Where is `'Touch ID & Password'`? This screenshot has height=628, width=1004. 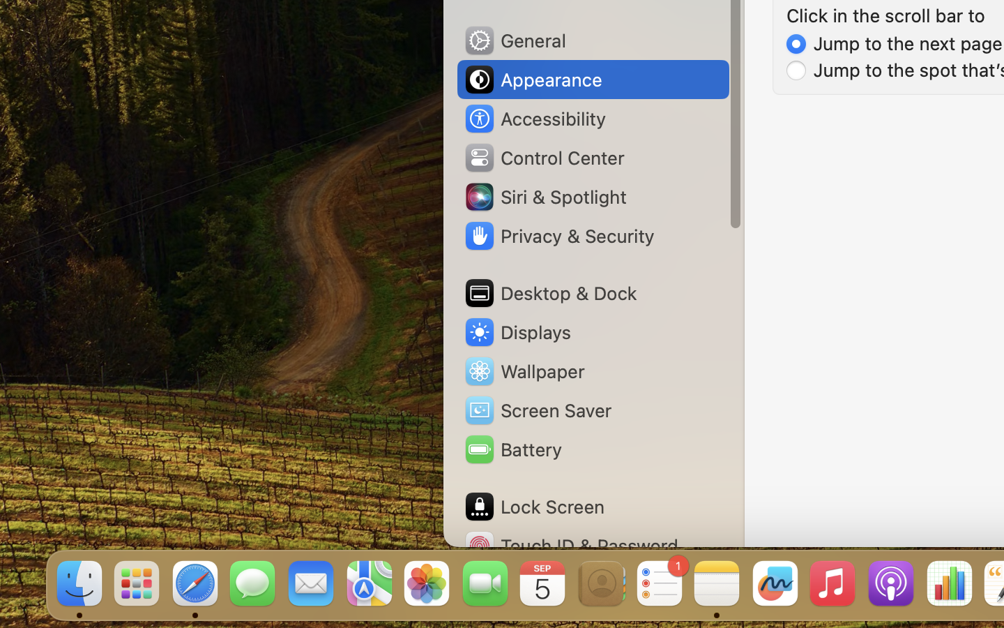 'Touch ID & Password' is located at coordinates (571, 545).